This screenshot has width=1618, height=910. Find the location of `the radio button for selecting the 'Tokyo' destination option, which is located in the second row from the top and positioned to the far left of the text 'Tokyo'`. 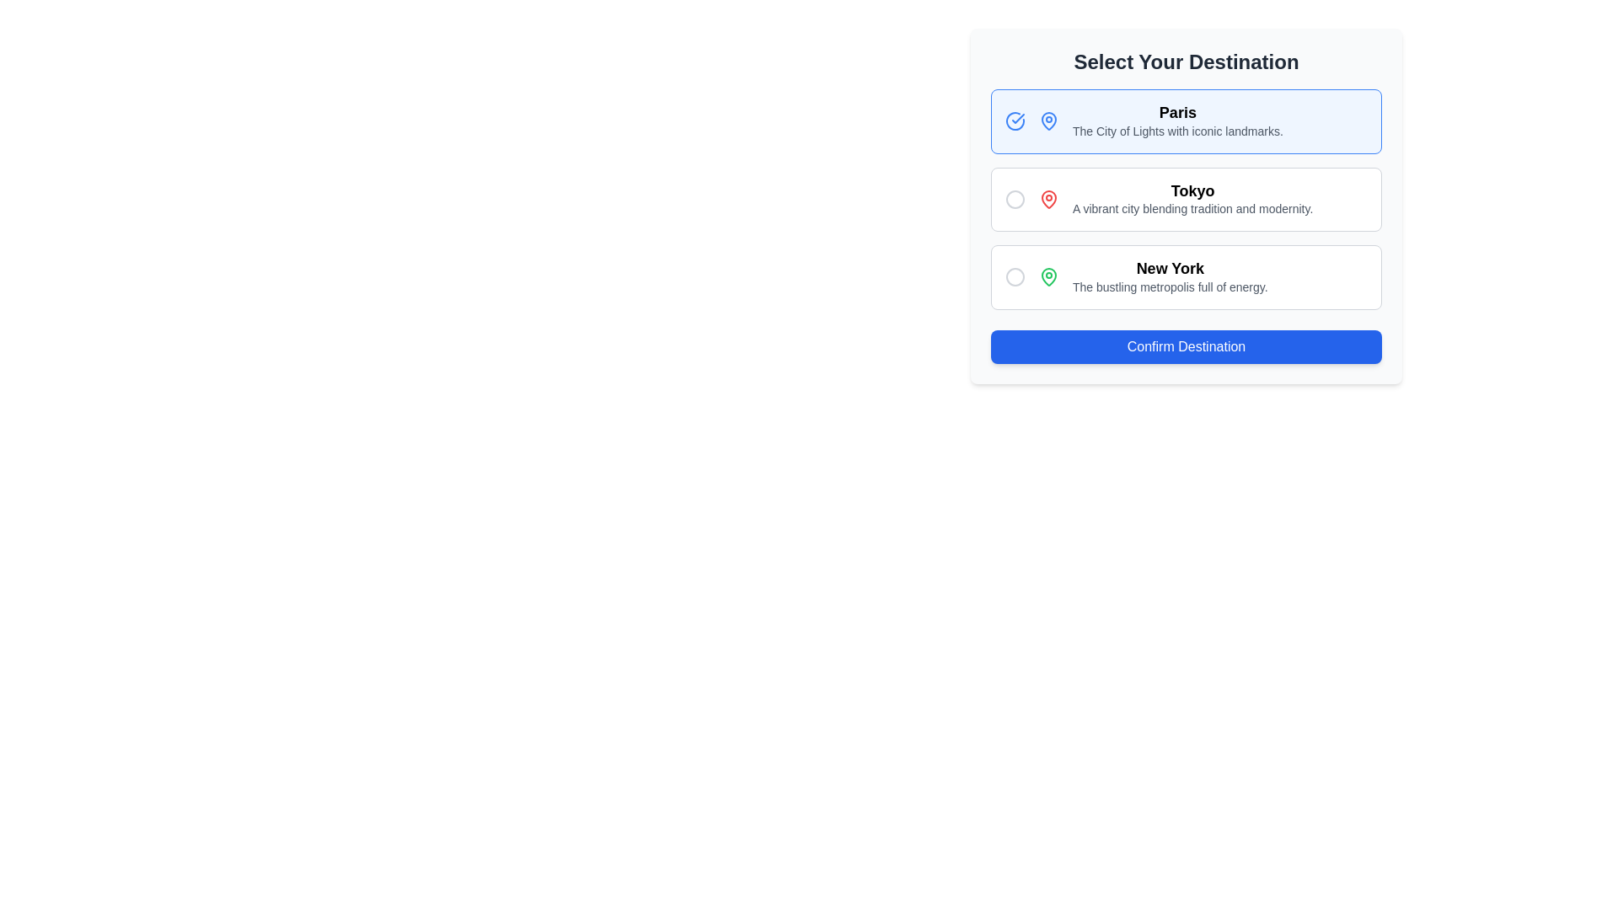

the radio button for selecting the 'Tokyo' destination option, which is located in the second row from the top and positioned to the far left of the text 'Tokyo' is located at coordinates (1014, 197).